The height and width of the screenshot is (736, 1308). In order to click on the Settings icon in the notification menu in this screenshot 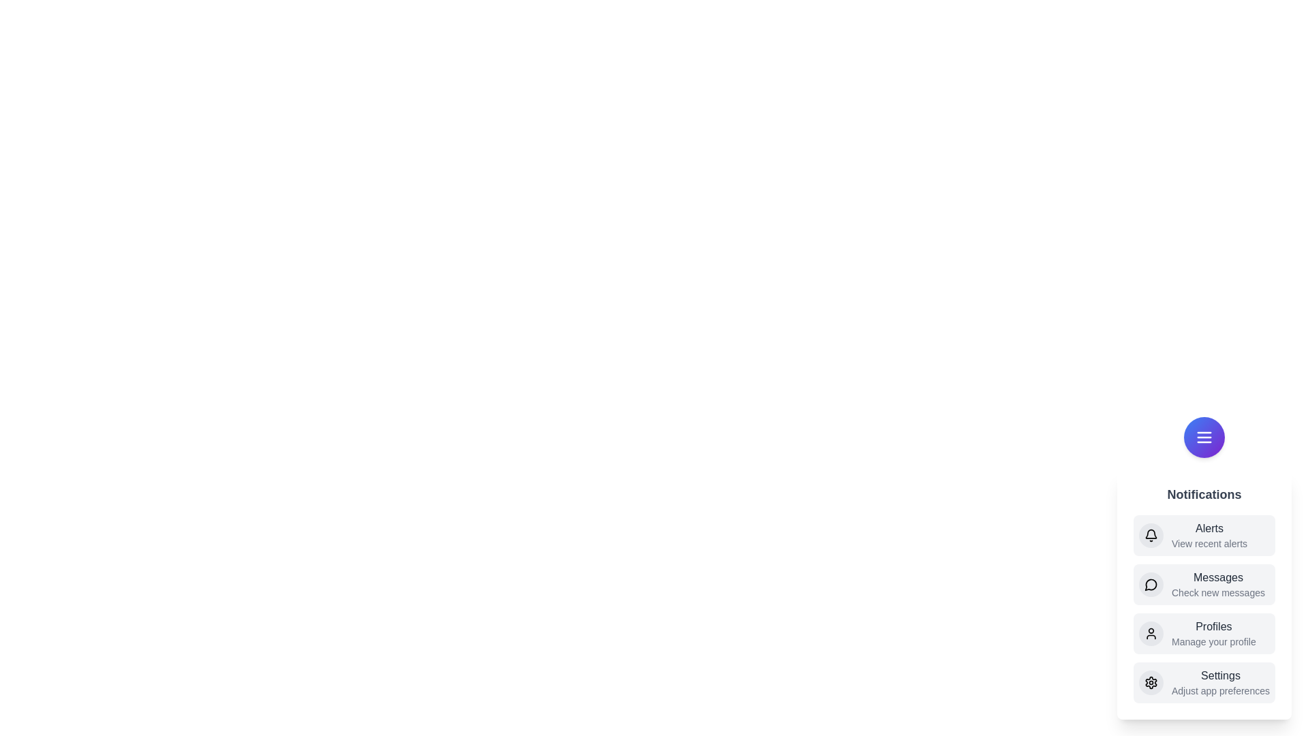, I will do `click(1150, 683)`.